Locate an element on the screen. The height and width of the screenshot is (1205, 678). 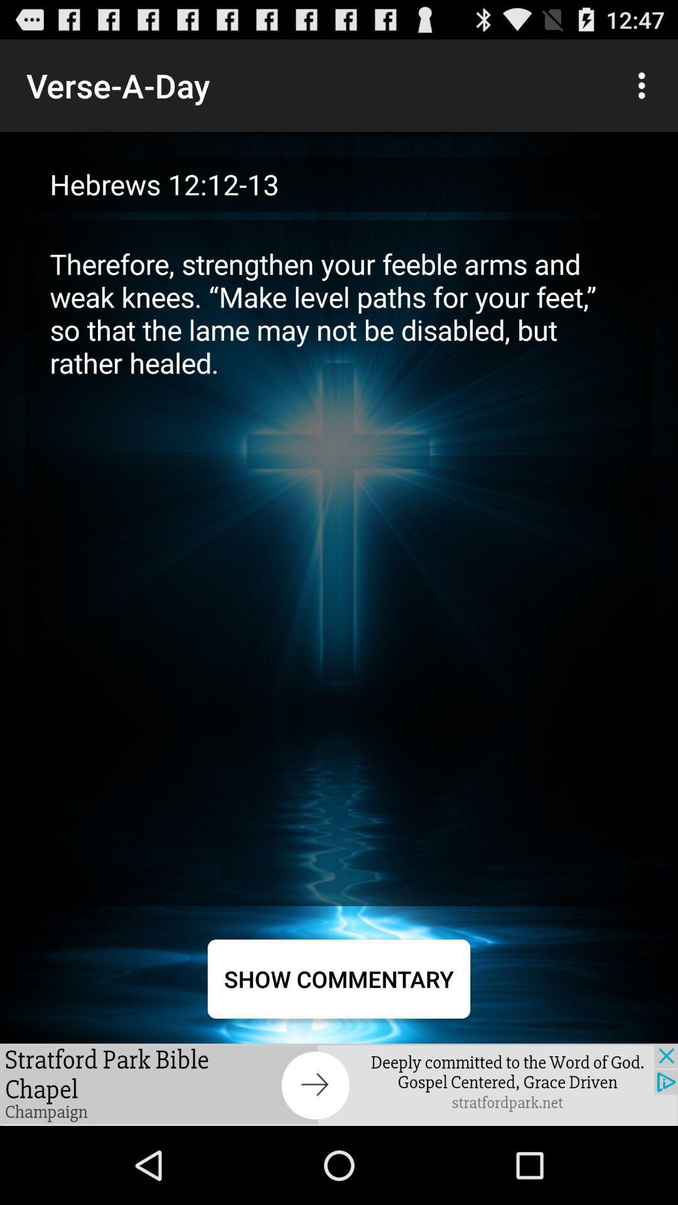
item next to verse-a-day item is located at coordinates (645, 85).